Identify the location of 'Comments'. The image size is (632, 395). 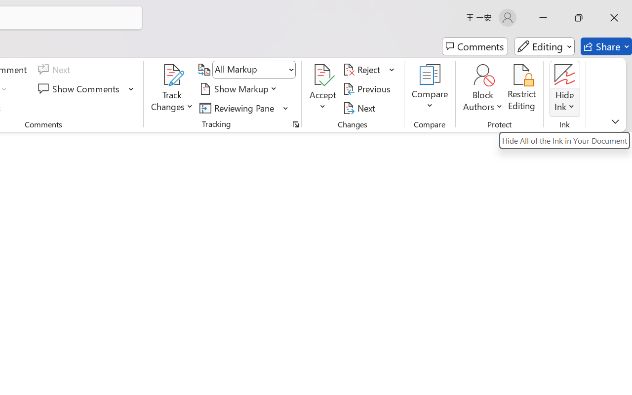
(474, 46).